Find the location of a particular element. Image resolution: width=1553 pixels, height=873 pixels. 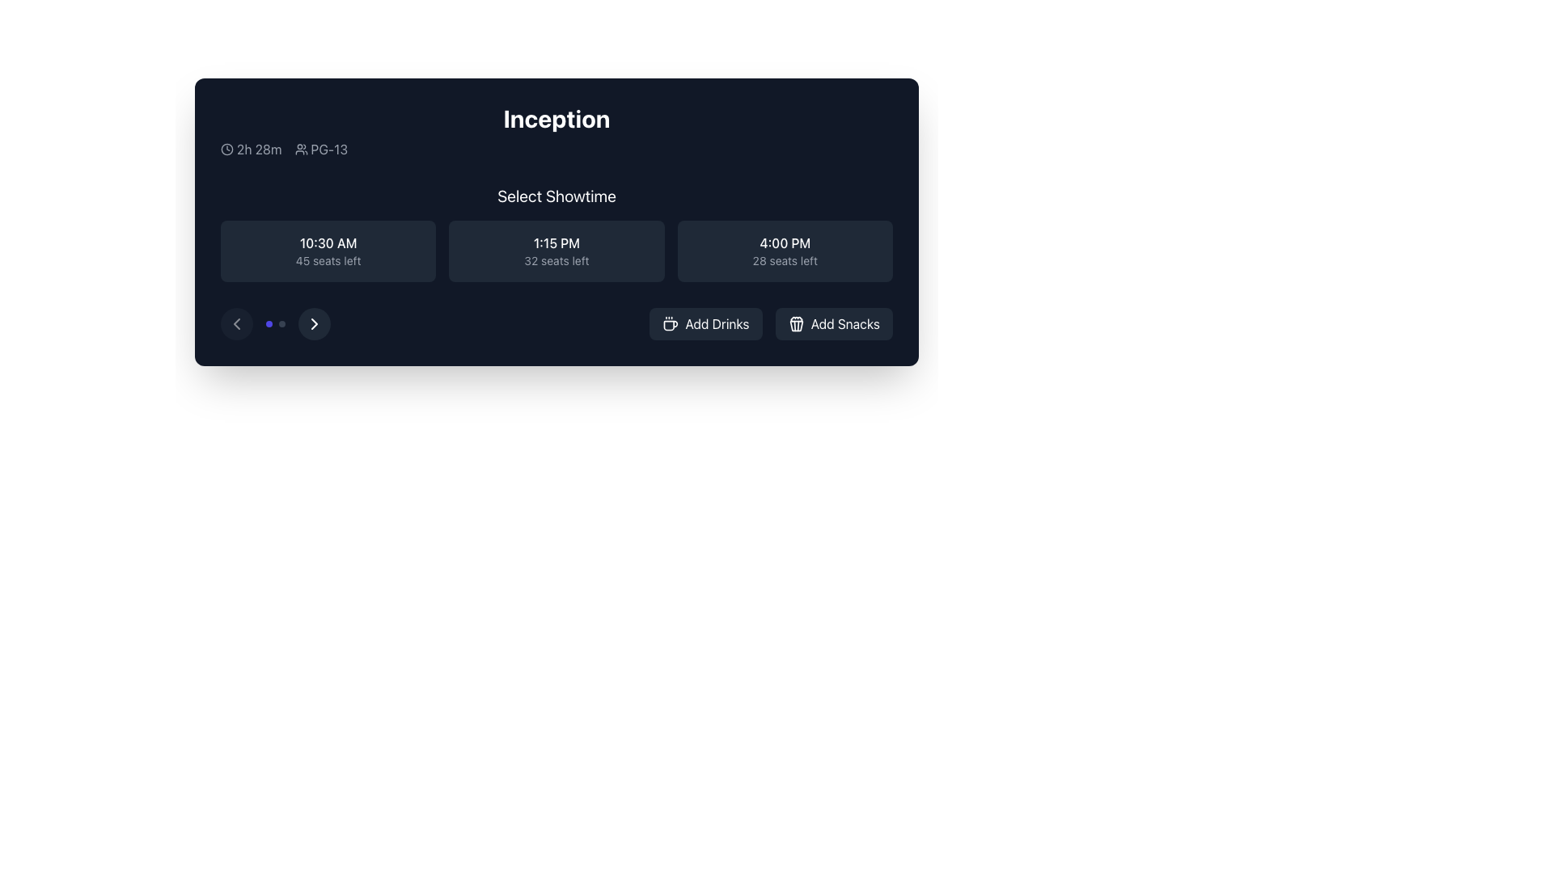

the Text label displaying '10:30 AM' and '45 seats left' in the 'Select Showtime' section, which shows the showtime for user selection is located at coordinates (328, 242).